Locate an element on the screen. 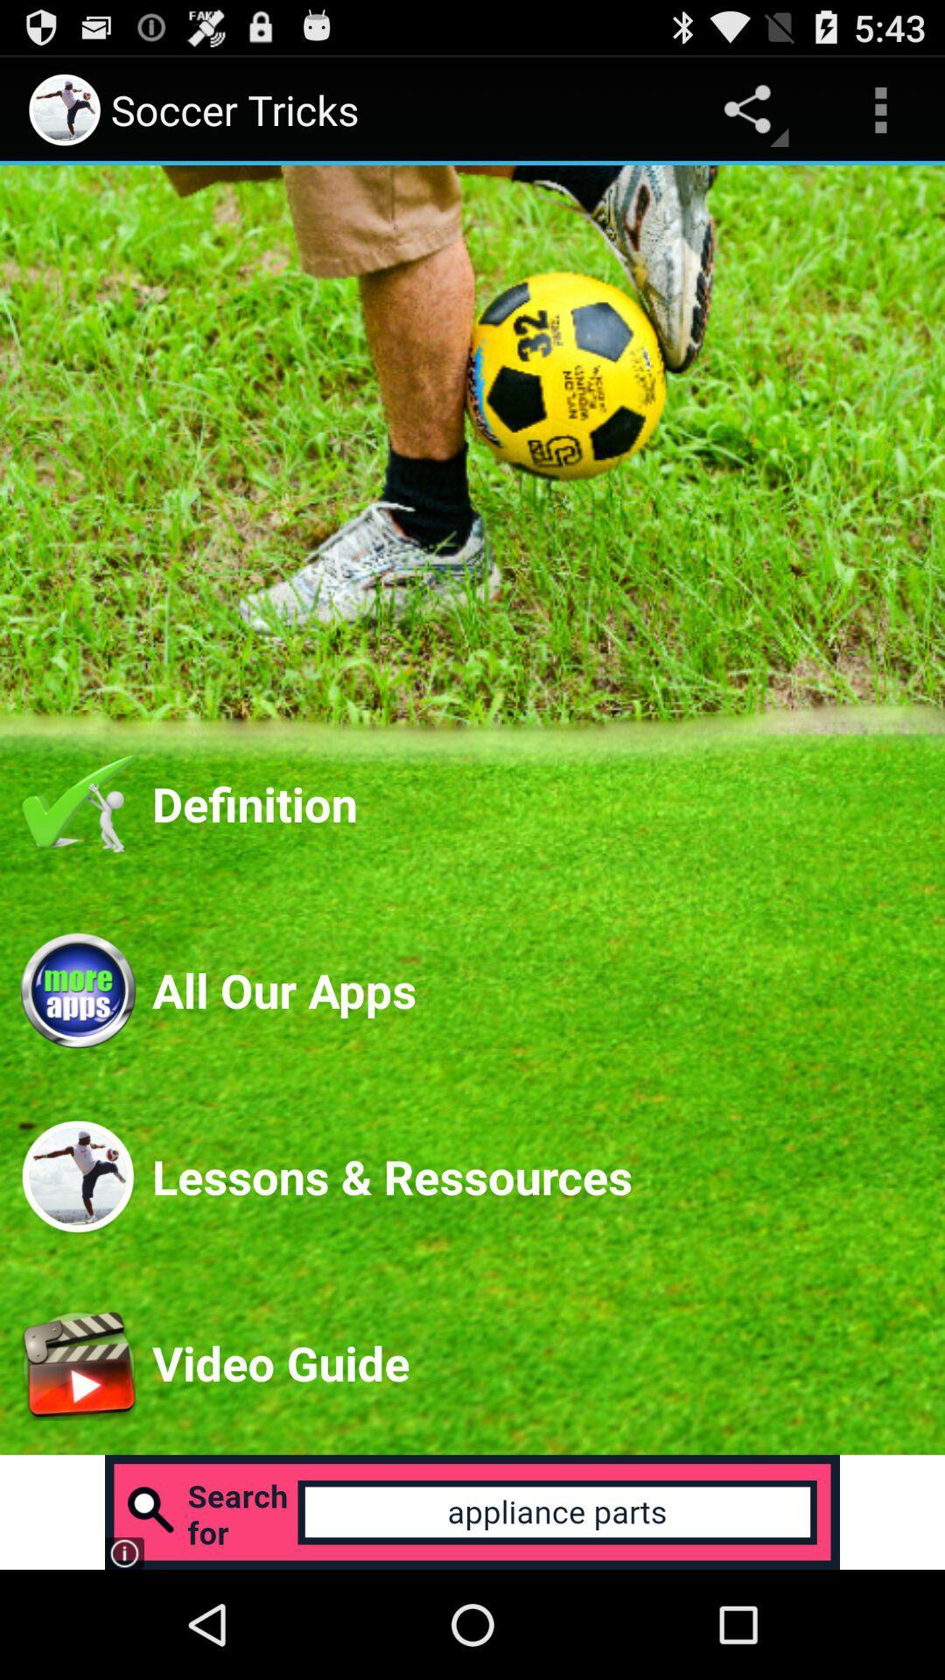 Image resolution: width=945 pixels, height=1680 pixels. video guide app is located at coordinates (536, 1361).